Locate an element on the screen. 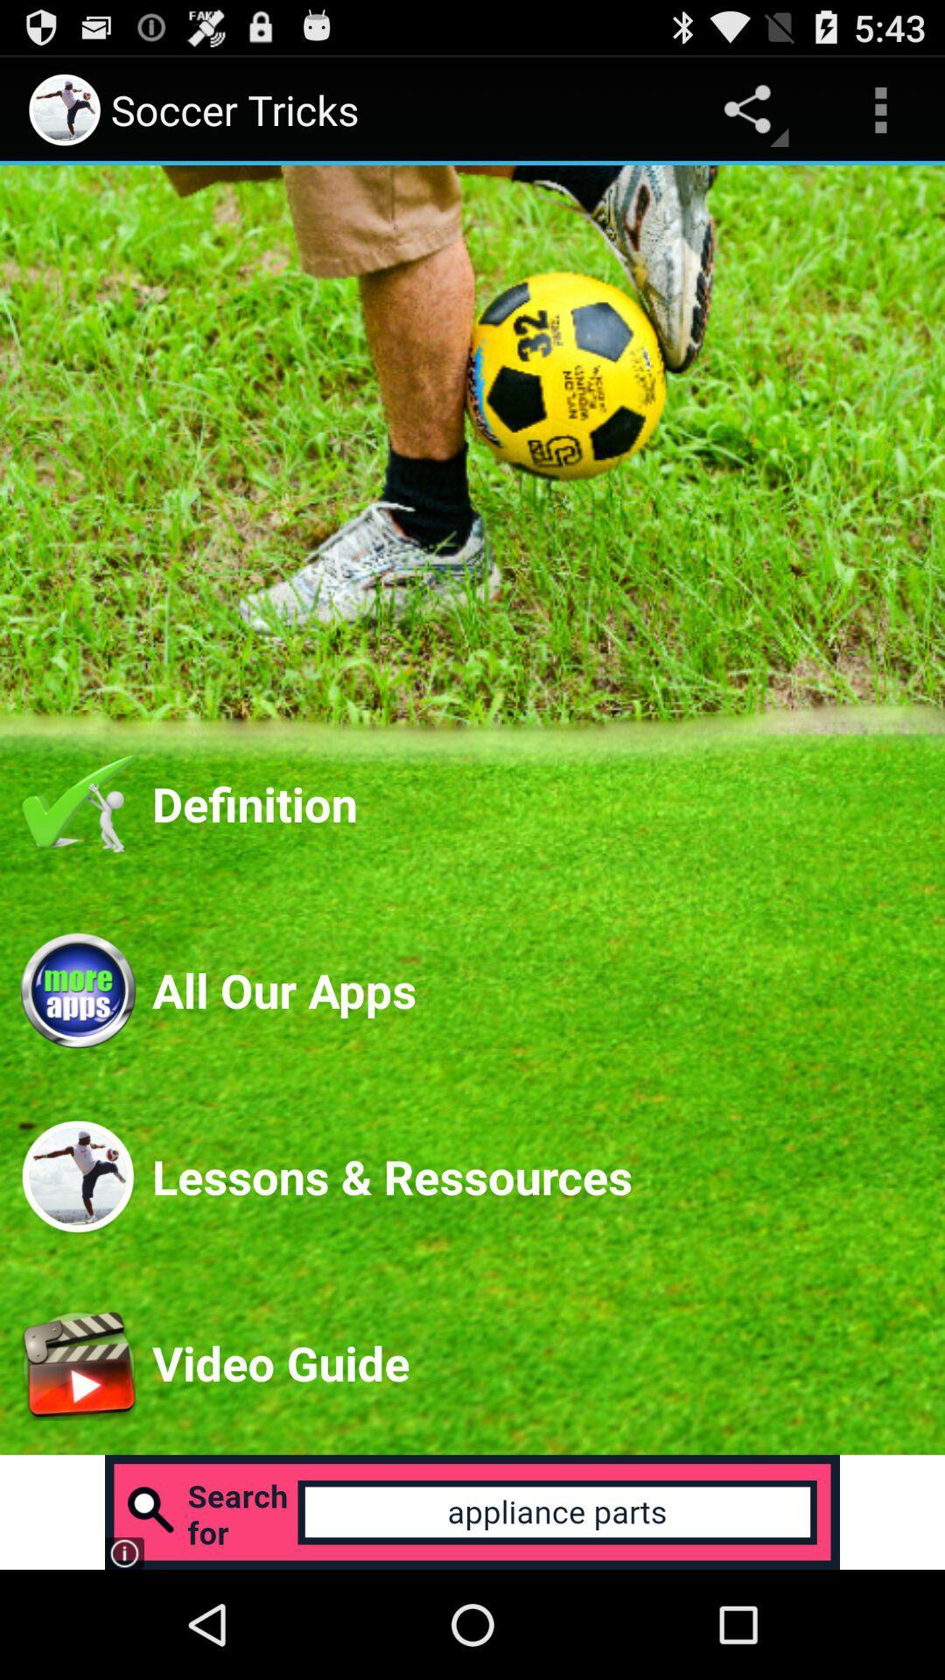 Image resolution: width=945 pixels, height=1680 pixels. video guide app is located at coordinates (536, 1361).